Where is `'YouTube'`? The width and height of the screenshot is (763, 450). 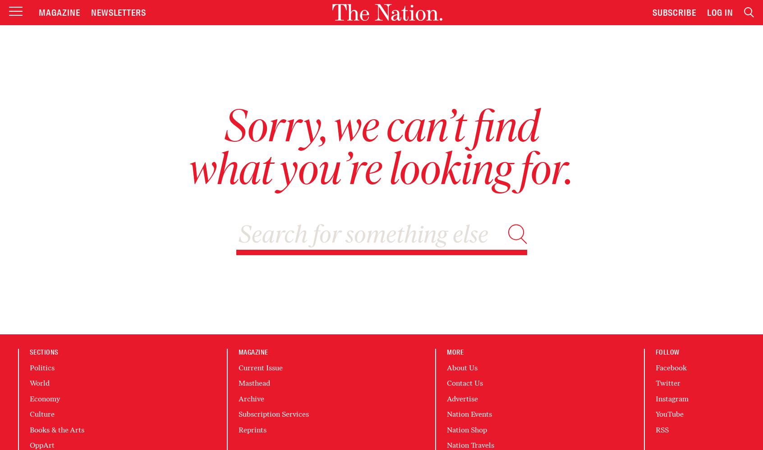 'YouTube' is located at coordinates (669, 414).